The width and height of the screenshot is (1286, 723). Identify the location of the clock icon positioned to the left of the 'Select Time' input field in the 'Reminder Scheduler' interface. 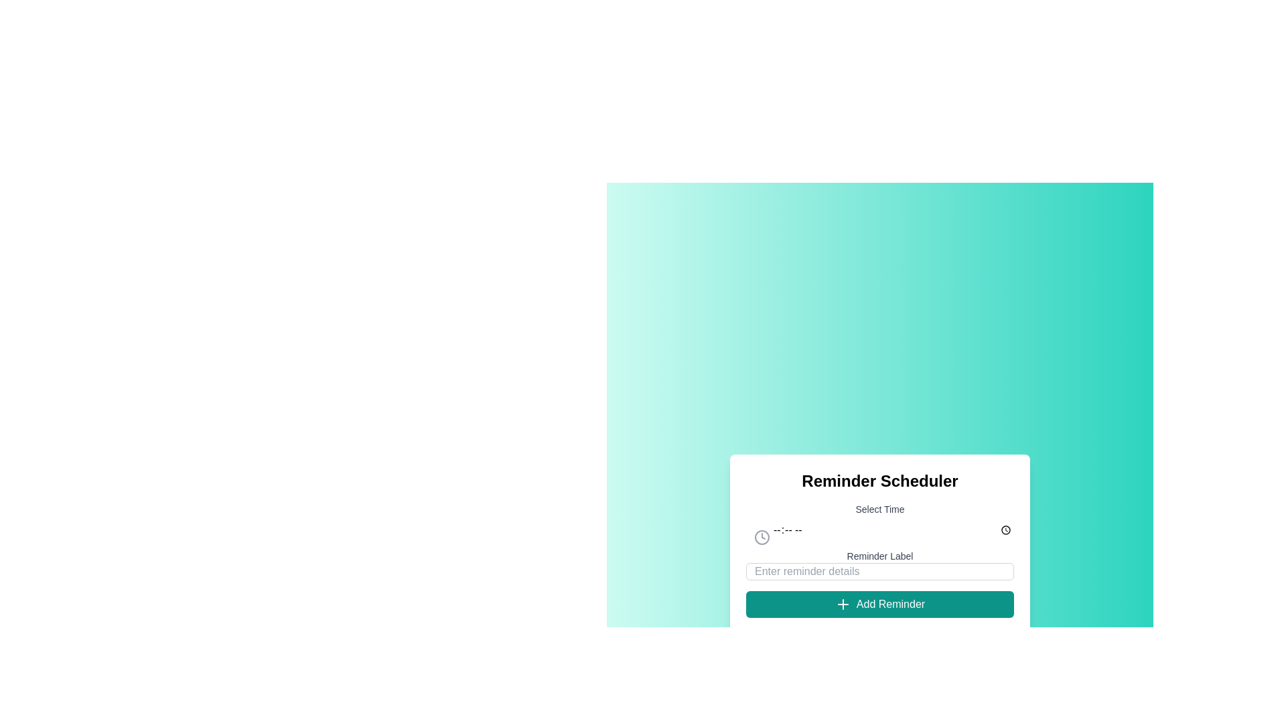
(762, 536).